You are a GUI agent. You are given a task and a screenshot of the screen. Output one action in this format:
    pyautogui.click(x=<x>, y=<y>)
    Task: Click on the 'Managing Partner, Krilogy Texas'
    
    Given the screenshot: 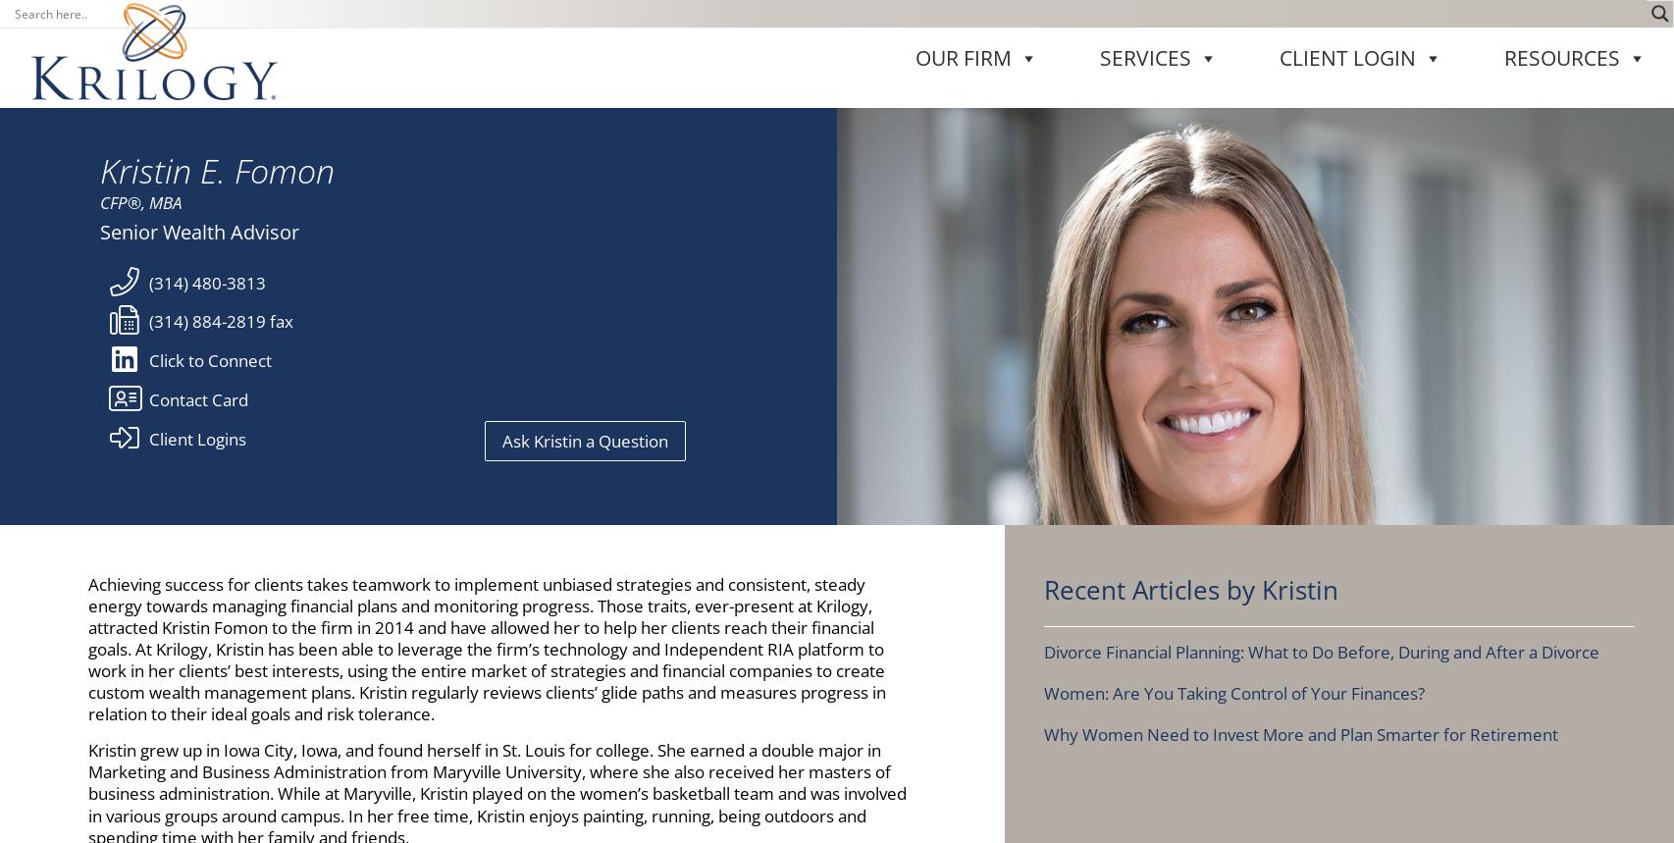 What is the action you would take?
    pyautogui.click(x=1362, y=556)
    